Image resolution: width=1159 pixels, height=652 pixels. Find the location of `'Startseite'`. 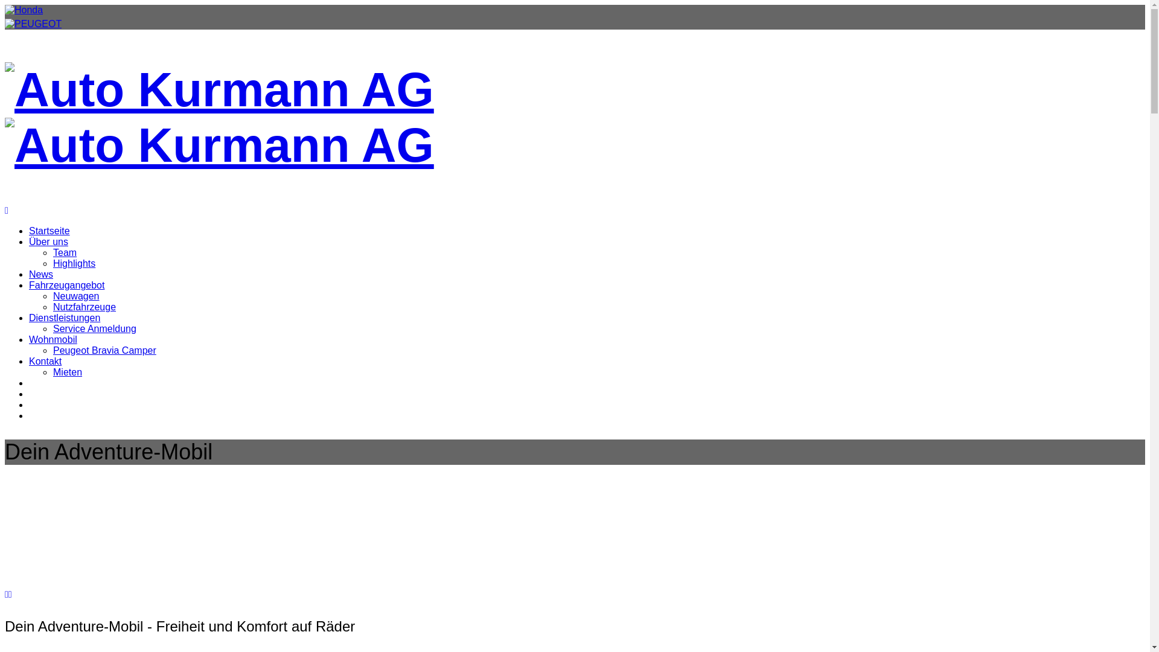

'Startseite' is located at coordinates (48, 231).